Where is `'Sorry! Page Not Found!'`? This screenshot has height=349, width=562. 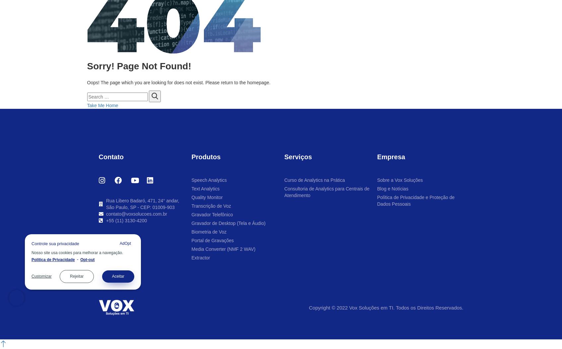 'Sorry! Page Not Found!' is located at coordinates (139, 66).